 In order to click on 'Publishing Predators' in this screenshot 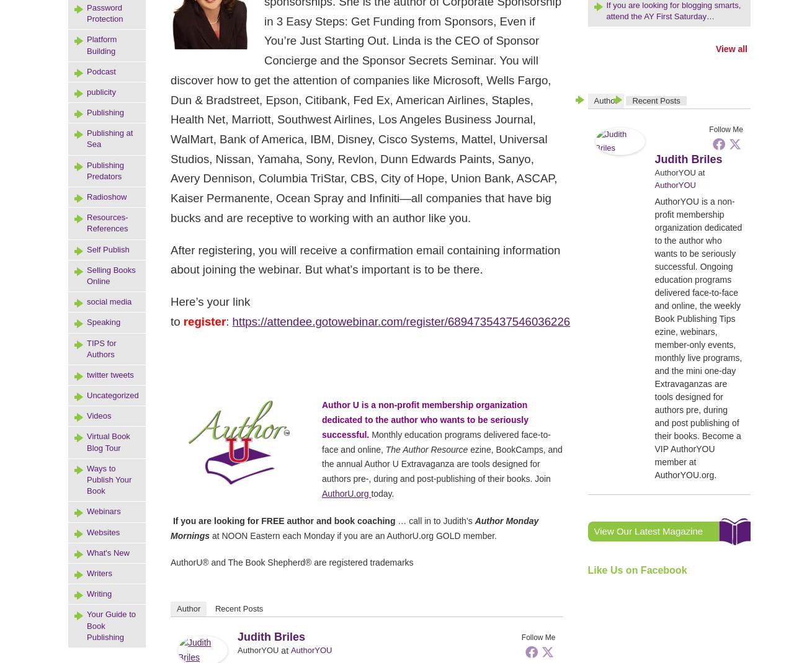, I will do `click(86, 169)`.